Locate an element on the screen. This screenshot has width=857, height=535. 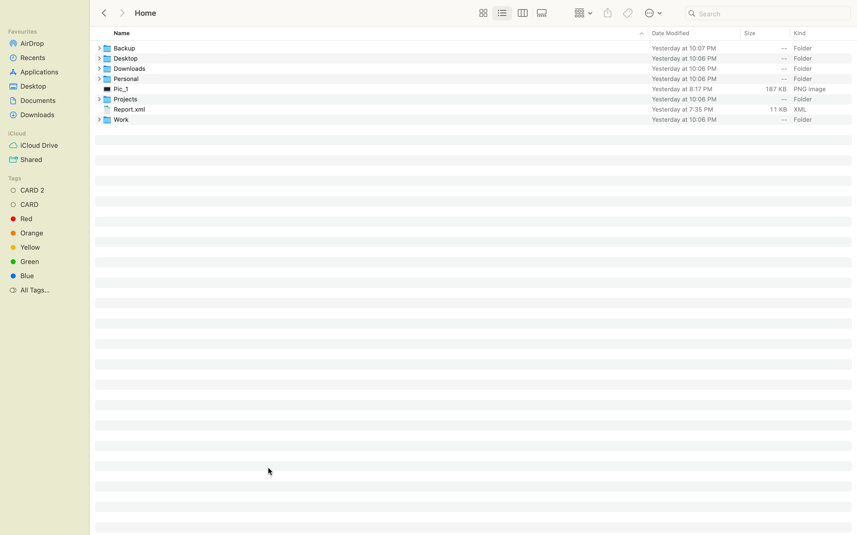
Create a new folder in the Downloads section is located at coordinates (97, 69).